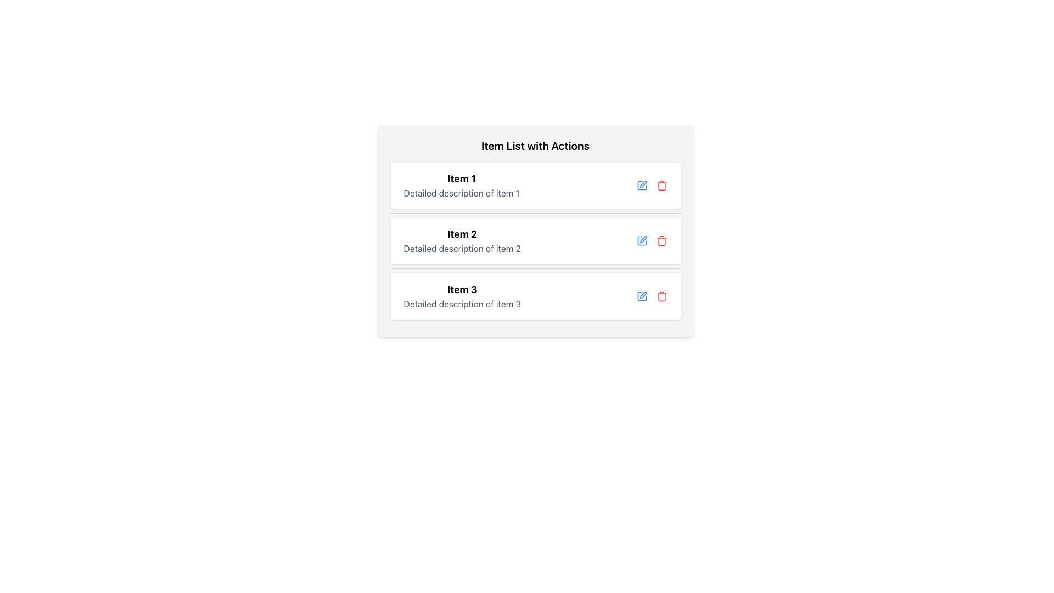 The image size is (1054, 593). What do you see at coordinates (462, 296) in the screenshot?
I see `to select the text in the third item descriptor of the vertically stacked list, which displays the title and brief description of the item` at bounding box center [462, 296].